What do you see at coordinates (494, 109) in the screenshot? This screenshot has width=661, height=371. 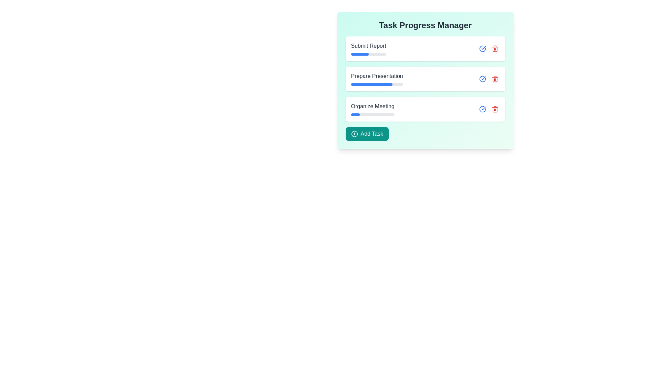 I see `the red trash icon associated with the task titled 'Organize Meeting' to remove it` at bounding box center [494, 109].